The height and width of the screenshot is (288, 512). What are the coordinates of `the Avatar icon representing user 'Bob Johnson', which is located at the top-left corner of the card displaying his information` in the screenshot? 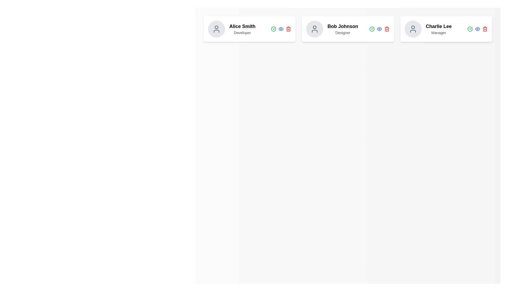 It's located at (315, 29).